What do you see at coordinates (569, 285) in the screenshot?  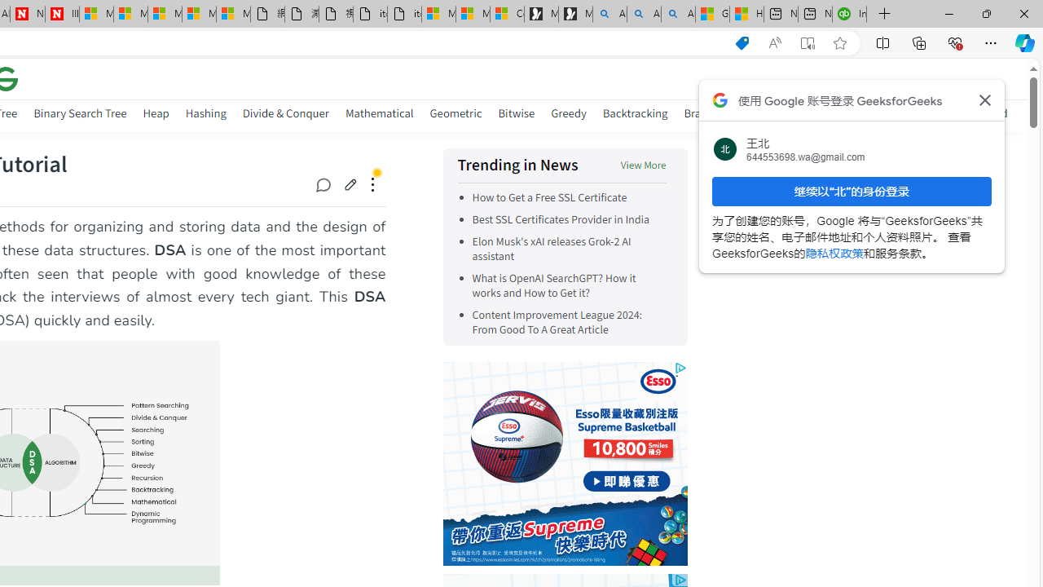 I see `'What is OpenAI SearchGPT? How it works and How to Get it?'` at bounding box center [569, 285].